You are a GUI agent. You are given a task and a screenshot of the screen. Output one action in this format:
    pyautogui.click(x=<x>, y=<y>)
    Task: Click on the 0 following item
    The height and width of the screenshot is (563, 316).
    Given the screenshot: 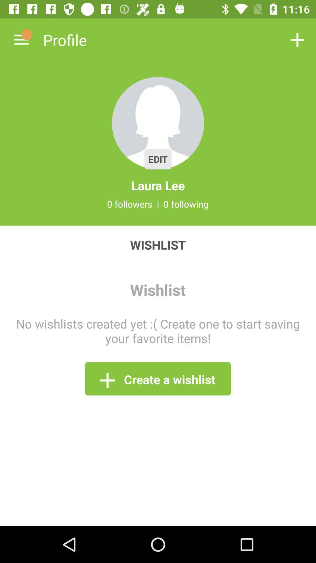 What is the action you would take?
    pyautogui.click(x=186, y=204)
    